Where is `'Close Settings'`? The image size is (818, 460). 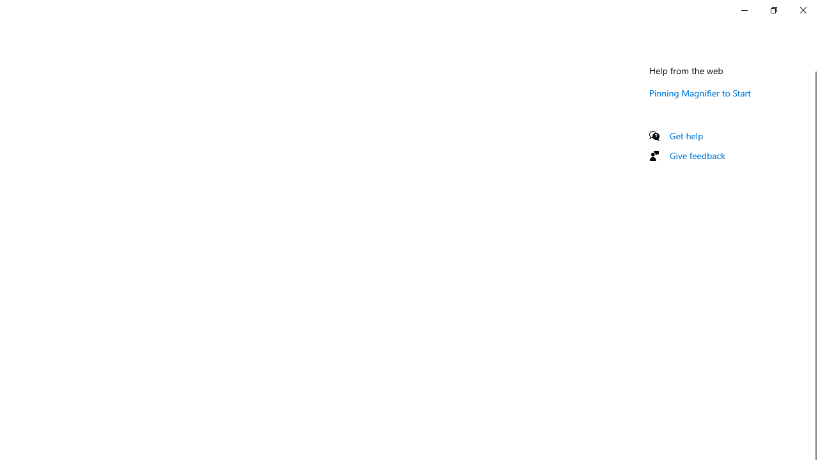 'Close Settings' is located at coordinates (802, 10).